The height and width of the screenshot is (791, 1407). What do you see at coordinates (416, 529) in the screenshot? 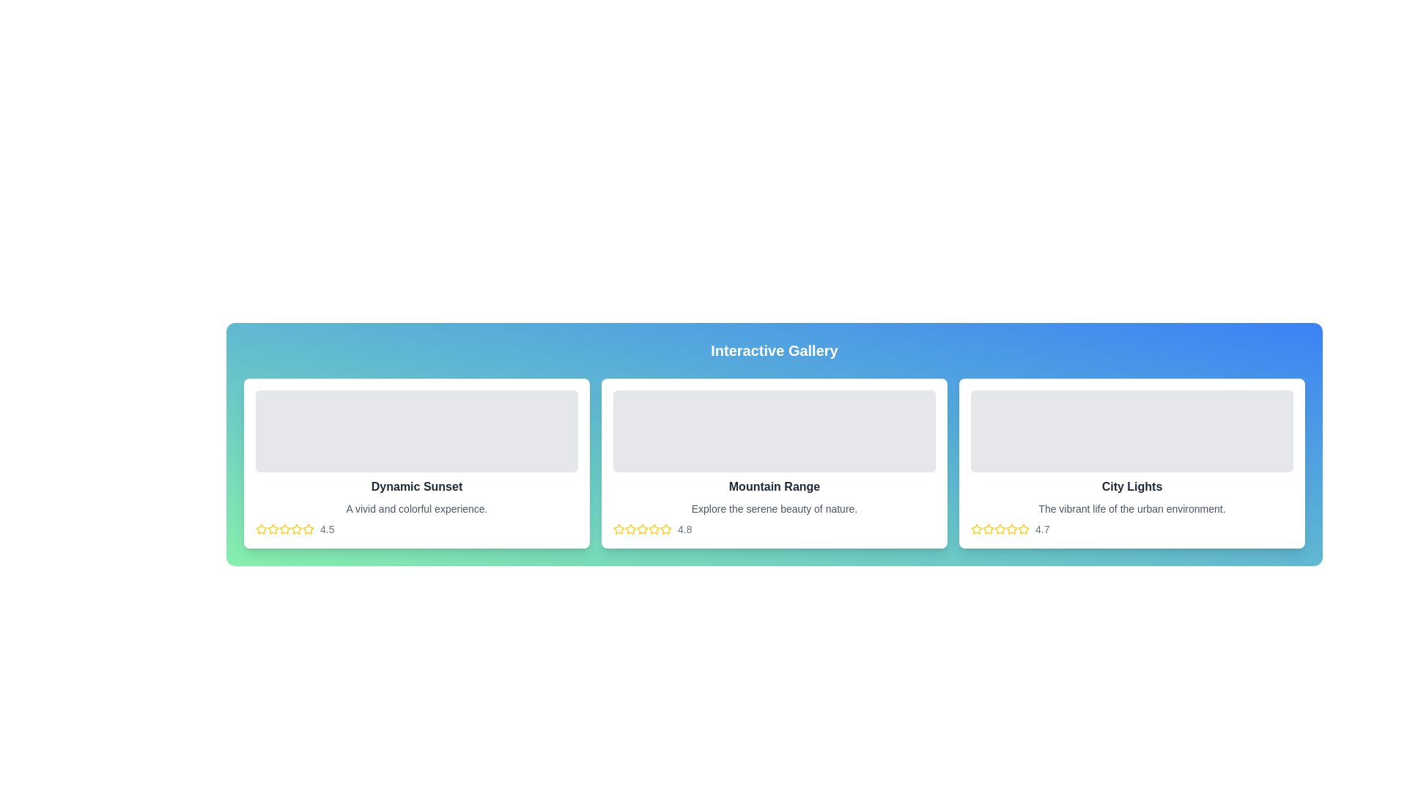
I see `the rating value displayed in the Rating Display located at the bottom of the 'Dynamic Sunset' card, which shows '4.5' as the current rating` at bounding box center [416, 529].